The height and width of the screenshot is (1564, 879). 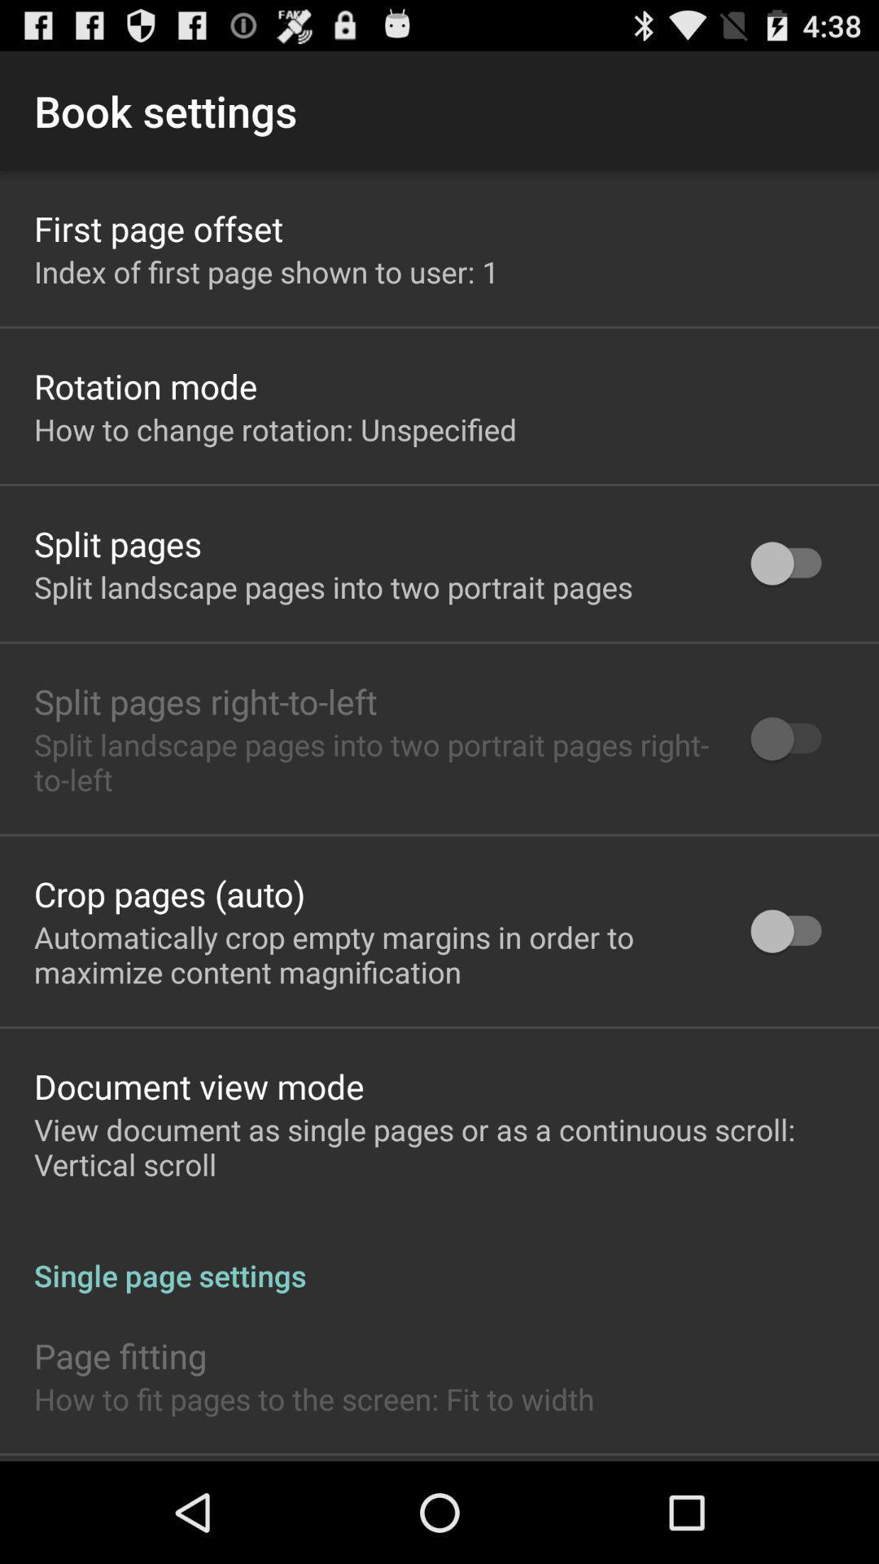 What do you see at coordinates (371, 954) in the screenshot?
I see `automatically crop empty item` at bounding box center [371, 954].